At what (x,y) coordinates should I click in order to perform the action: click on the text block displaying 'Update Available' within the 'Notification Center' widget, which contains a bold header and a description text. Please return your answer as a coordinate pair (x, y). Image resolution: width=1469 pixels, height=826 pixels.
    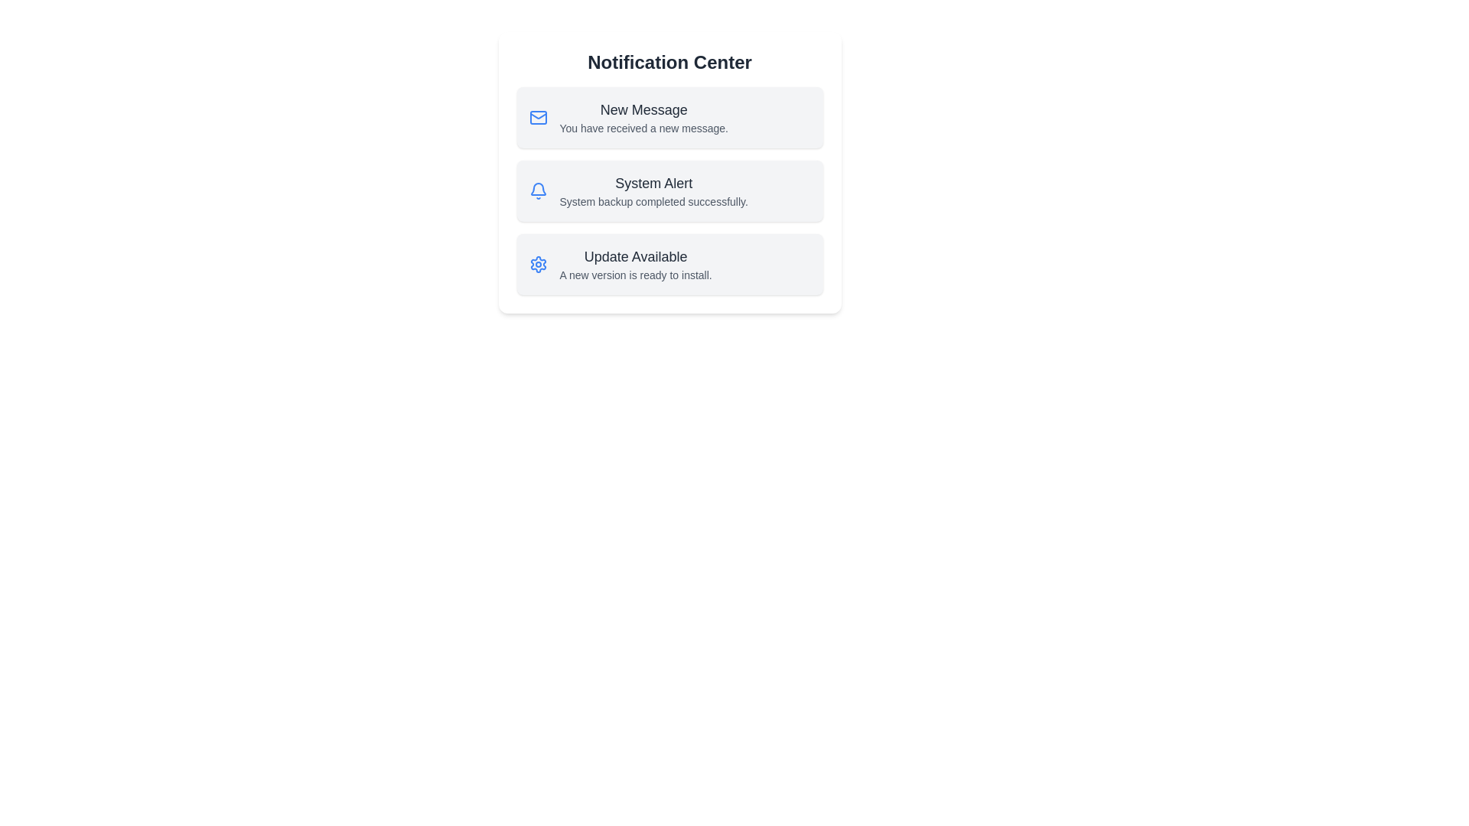
    Looking at the image, I should click on (636, 264).